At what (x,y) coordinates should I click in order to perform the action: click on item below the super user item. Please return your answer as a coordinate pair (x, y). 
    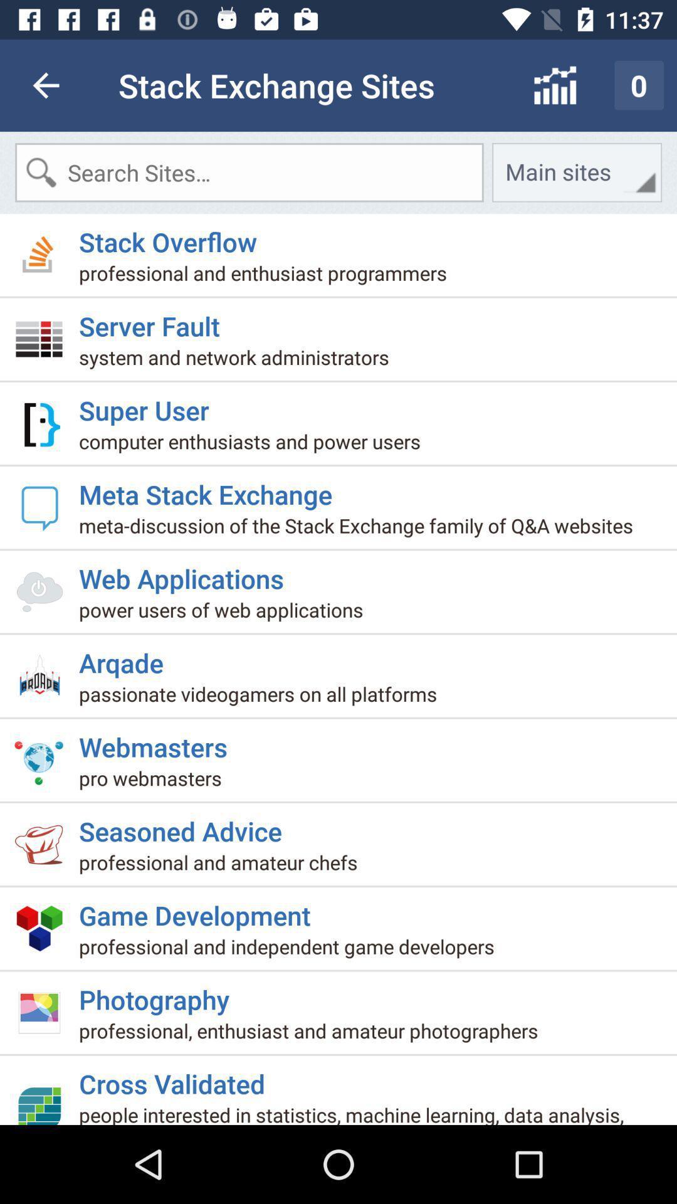
    Looking at the image, I should click on (254, 446).